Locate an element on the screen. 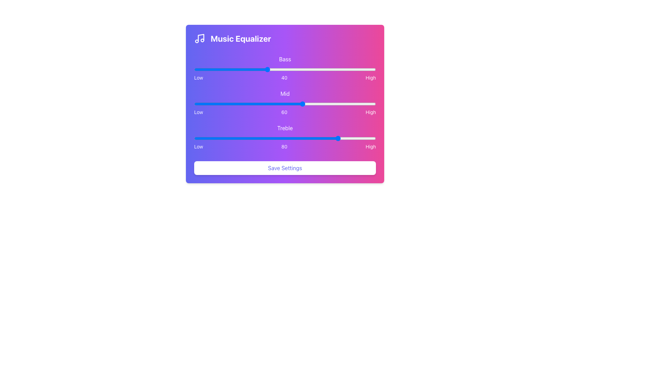  the bass level is located at coordinates (363, 69).